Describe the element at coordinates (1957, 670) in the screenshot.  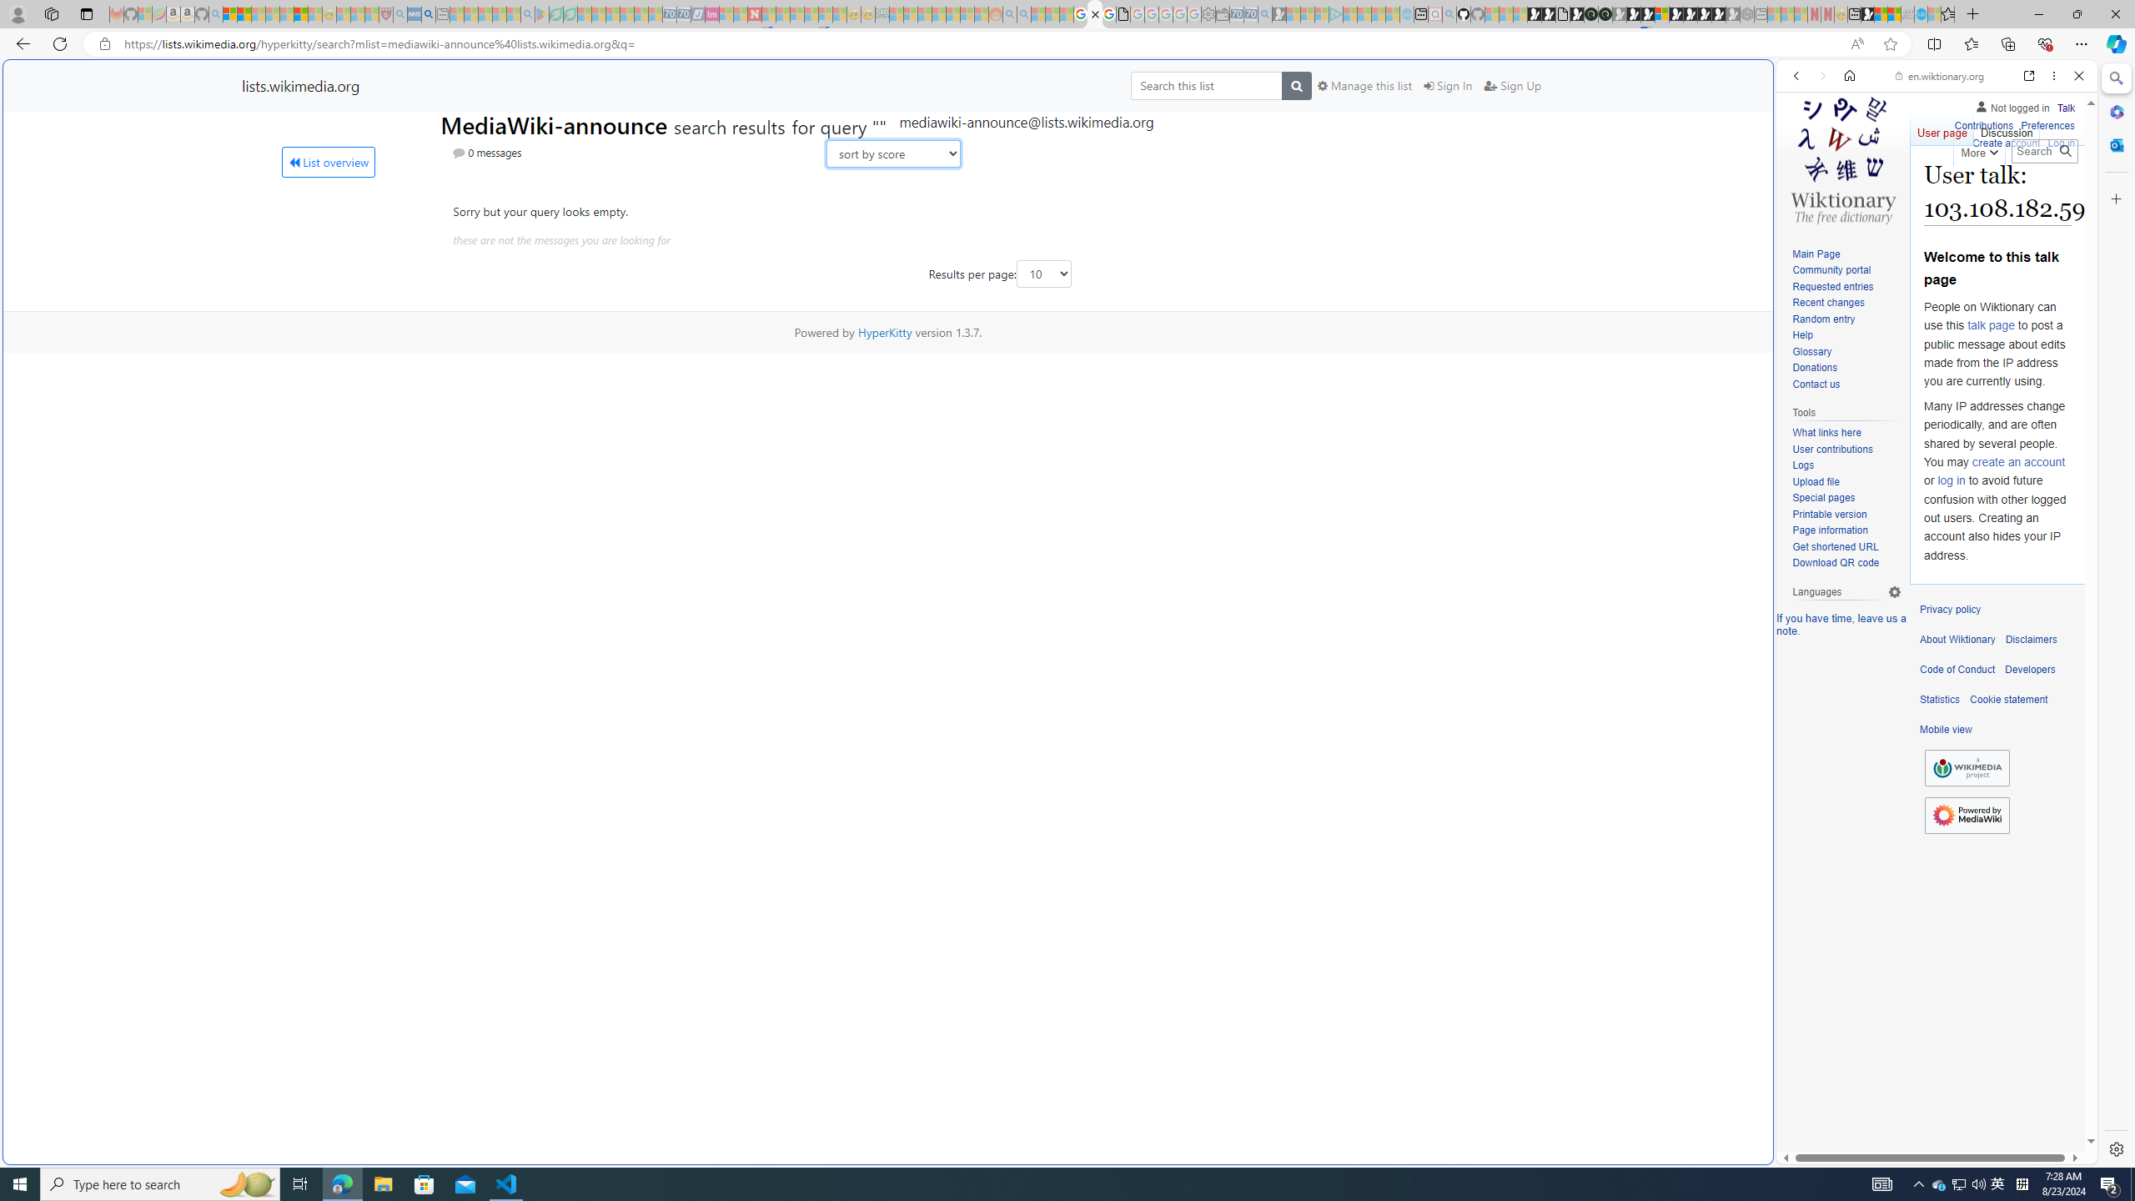
I see `'Code of Conduct'` at that location.